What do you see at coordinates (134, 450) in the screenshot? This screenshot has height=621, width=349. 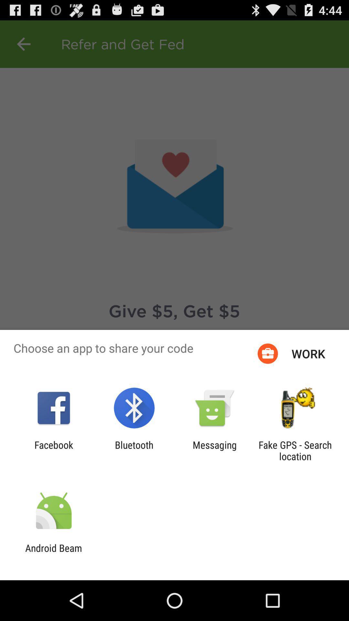 I see `the app to the left of the messaging icon` at bounding box center [134, 450].